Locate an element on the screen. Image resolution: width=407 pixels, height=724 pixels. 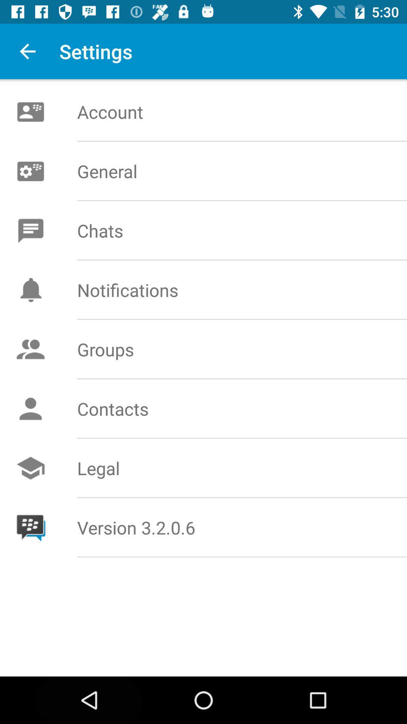
icon to the left of settings app is located at coordinates (27, 51).